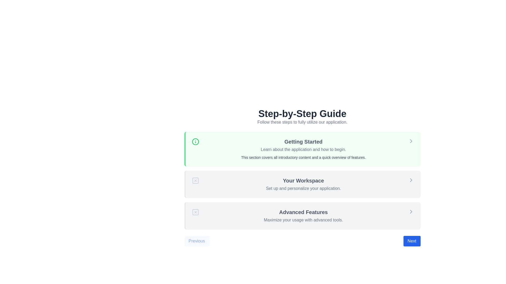 This screenshot has width=506, height=284. Describe the element at coordinates (195, 212) in the screenshot. I see `the visual icon for the Advanced Features section` at that location.